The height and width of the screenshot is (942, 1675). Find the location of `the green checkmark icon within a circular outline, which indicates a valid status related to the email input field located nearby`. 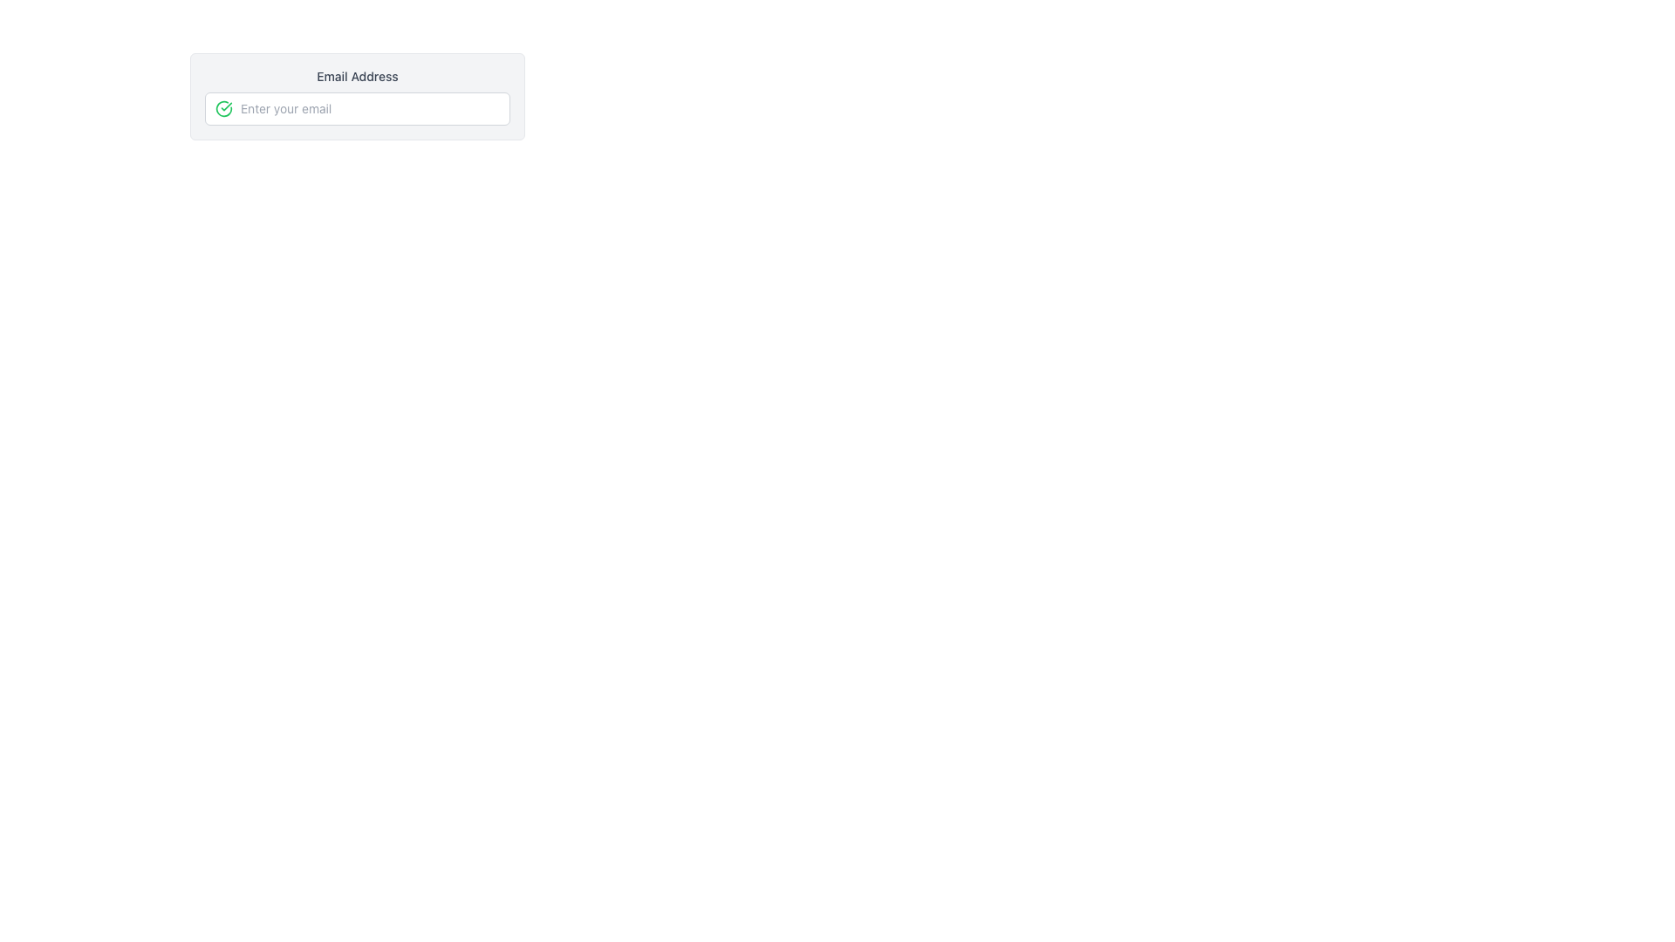

the green checkmark icon within a circular outline, which indicates a valid status related to the email input field located nearby is located at coordinates (223, 108).